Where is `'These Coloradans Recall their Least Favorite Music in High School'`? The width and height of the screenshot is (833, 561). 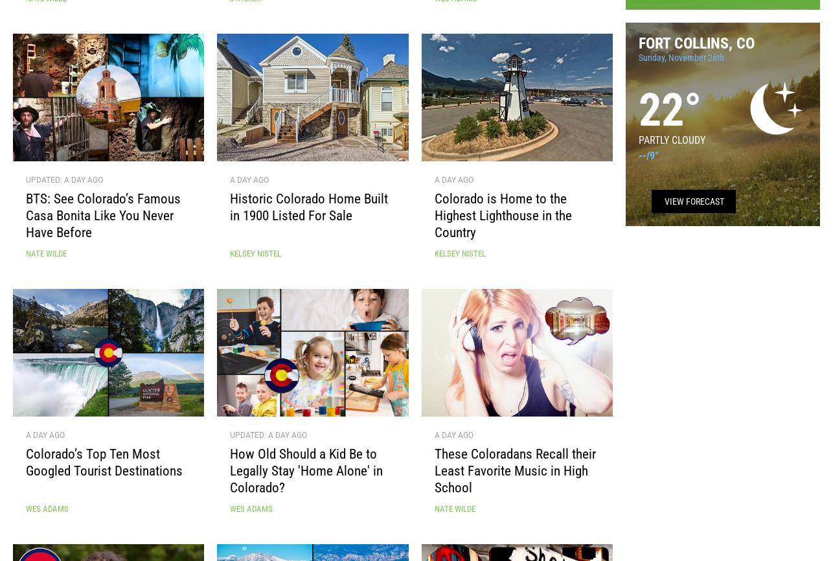
'These Coloradans Recall their Least Favorite Music in High School' is located at coordinates (514, 475).